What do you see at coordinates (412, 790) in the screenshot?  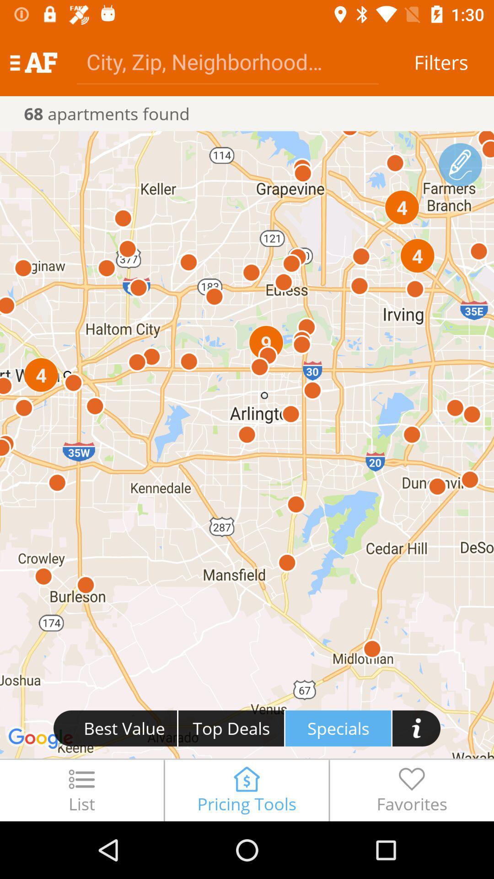 I see `favorites item` at bounding box center [412, 790].